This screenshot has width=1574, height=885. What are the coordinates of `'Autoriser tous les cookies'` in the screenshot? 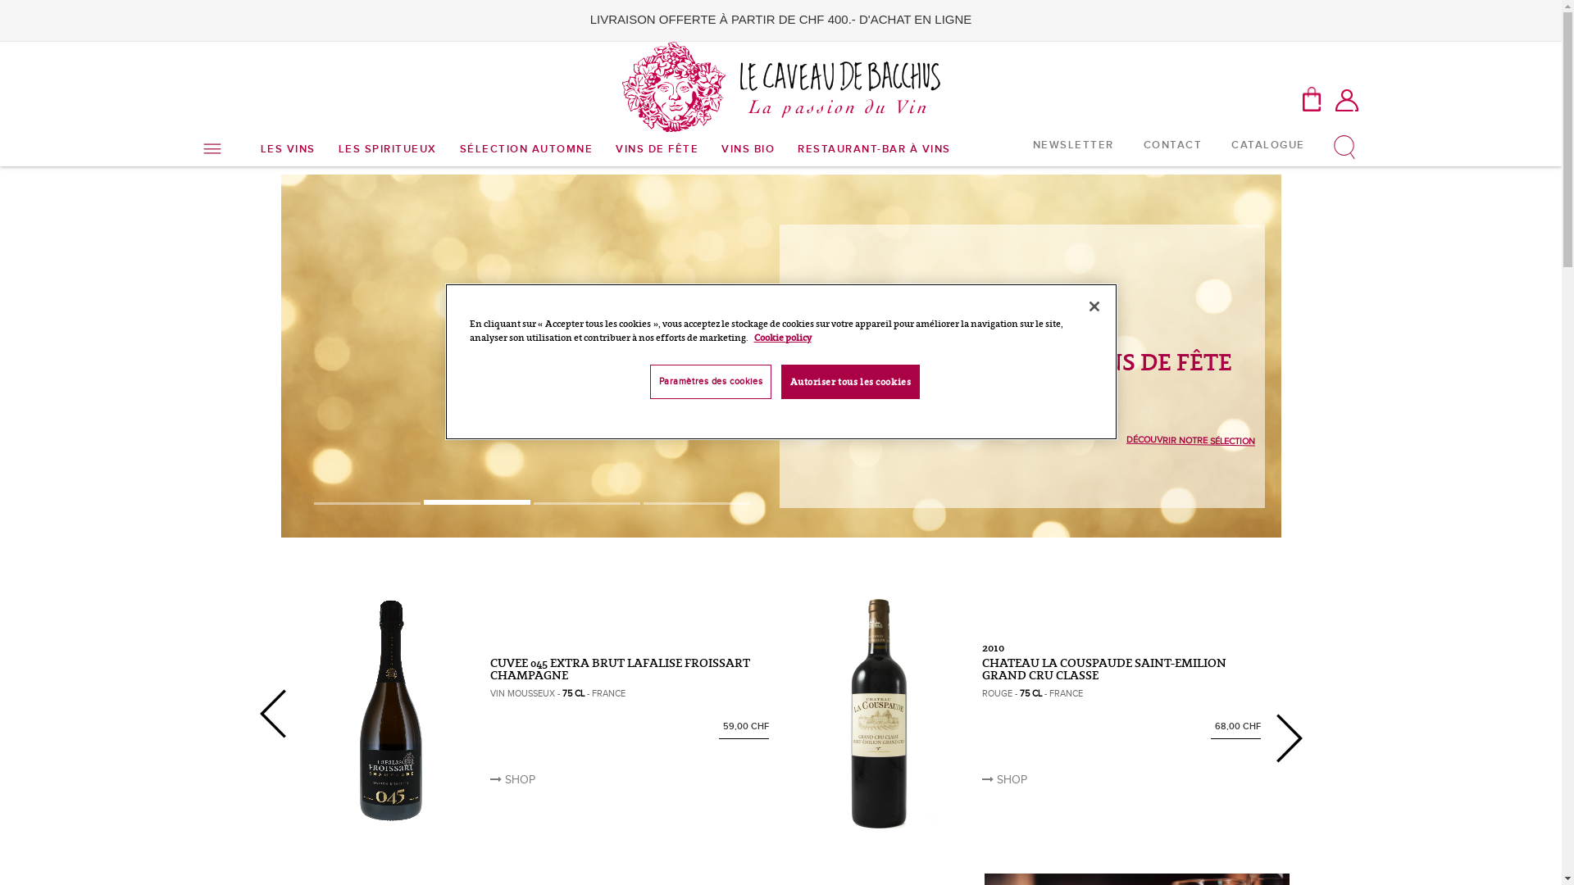 It's located at (779, 382).